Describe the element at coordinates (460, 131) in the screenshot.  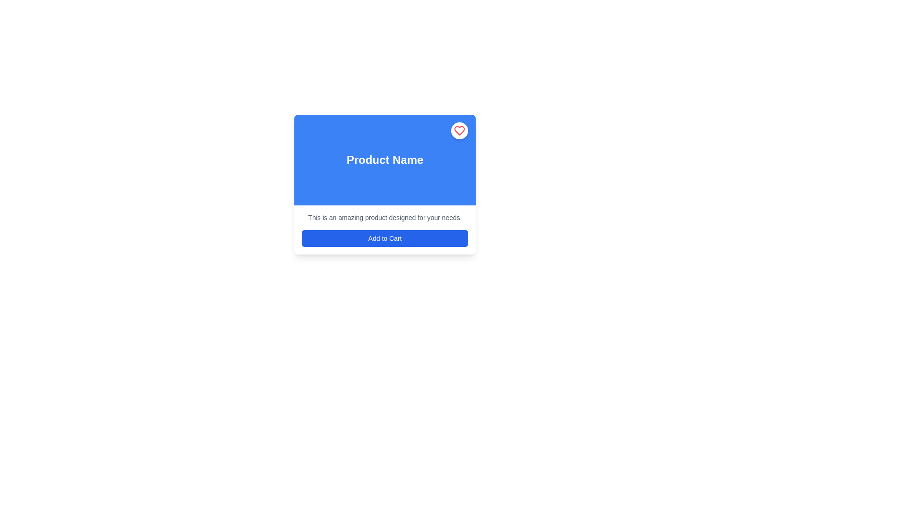
I see `the circular button with a red heart icon located at the top-right corner of the blue header area of the 'Product Name' card to like or favorite the item` at that location.